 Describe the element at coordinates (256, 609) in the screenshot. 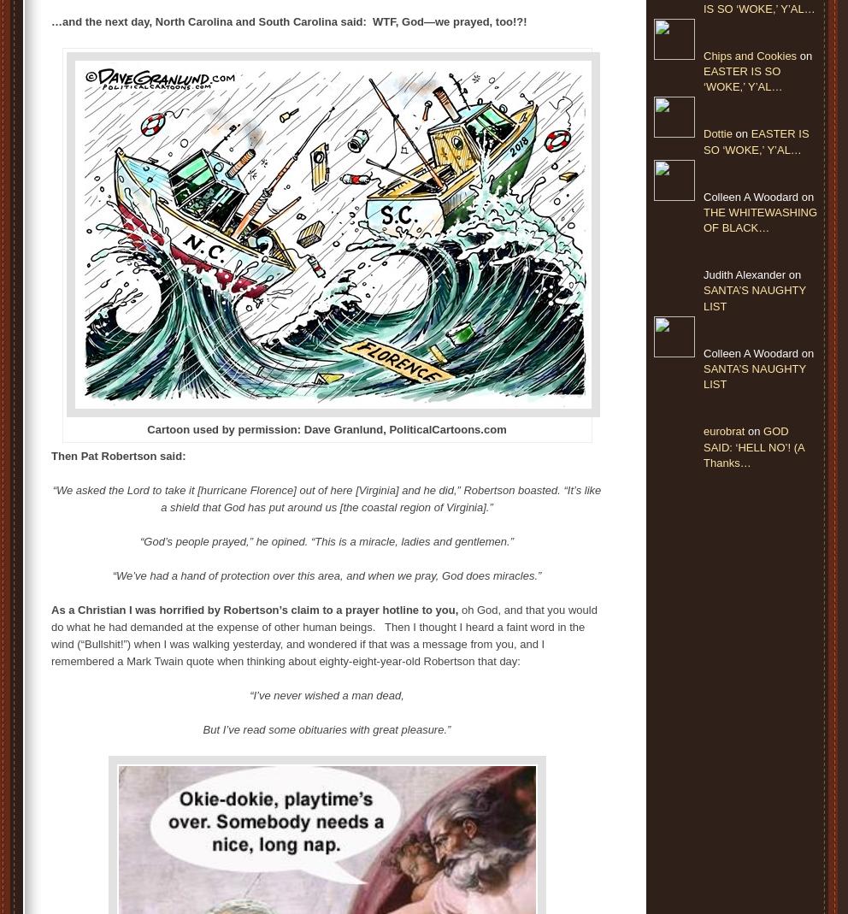

I see `'As a Christian I was horrified by Robertson’s claim to a prayer hotline to you,'` at that location.